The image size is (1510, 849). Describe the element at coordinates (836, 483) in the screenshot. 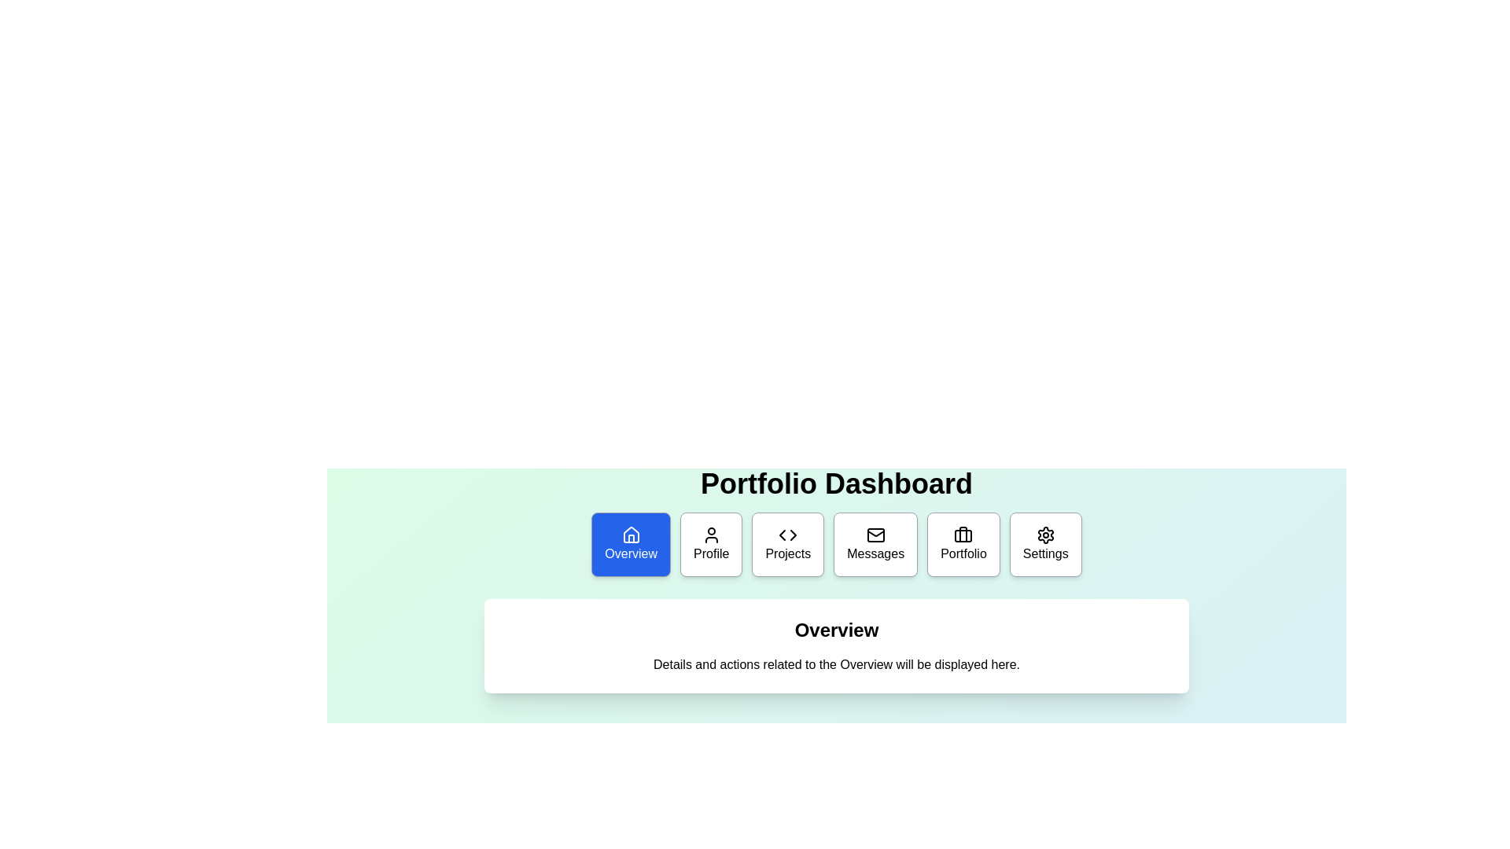

I see `the large, bold text label displaying 'Portfolio Dashboard' at the top of the interface` at that location.